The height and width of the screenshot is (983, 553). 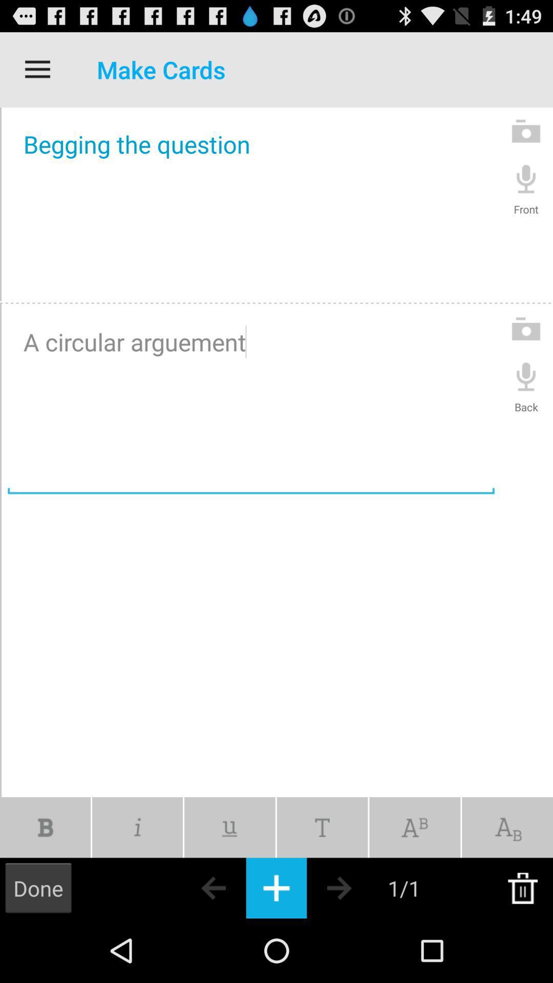 What do you see at coordinates (322, 827) in the screenshot?
I see `text options` at bounding box center [322, 827].